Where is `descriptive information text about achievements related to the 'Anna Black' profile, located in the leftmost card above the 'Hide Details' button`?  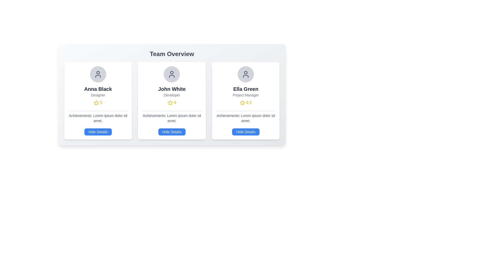 descriptive information text about achievements related to the 'Anna Black' profile, located in the leftmost card above the 'Hide Details' button is located at coordinates (98, 118).